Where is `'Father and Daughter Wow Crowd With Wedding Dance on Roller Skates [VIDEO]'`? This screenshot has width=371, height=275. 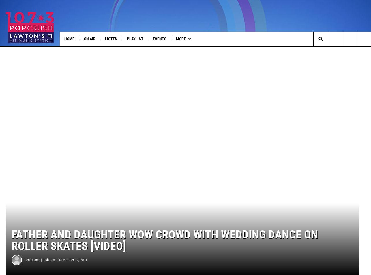 'Father and Daughter Wow Crowd With Wedding Dance on Roller Skates [VIDEO]' is located at coordinates (164, 248).